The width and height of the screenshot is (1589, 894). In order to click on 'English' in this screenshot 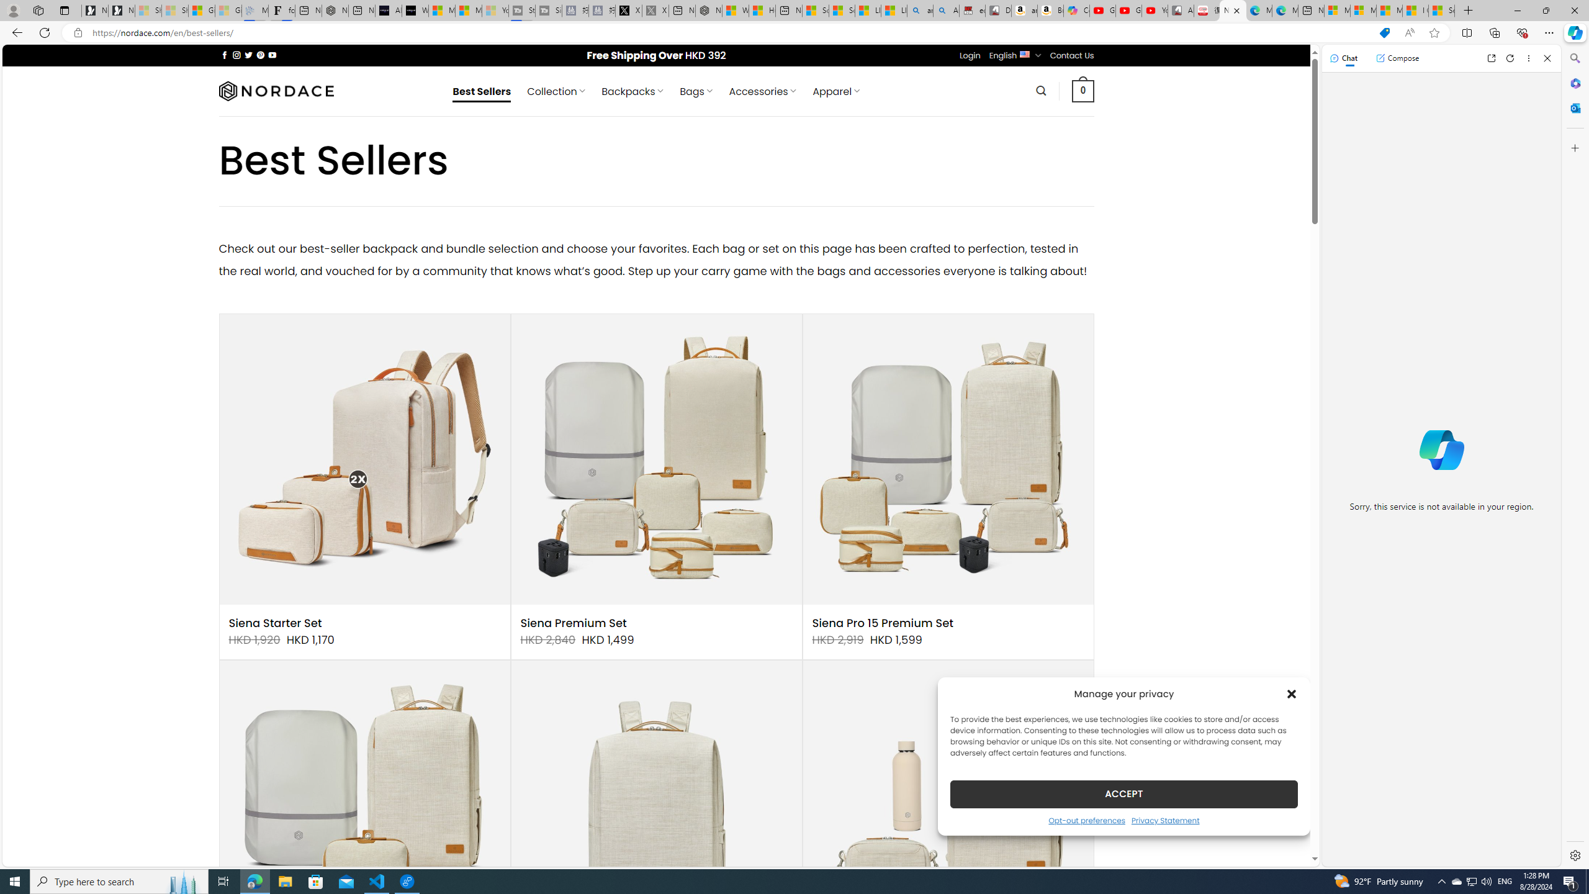, I will do `click(1024, 54)`.